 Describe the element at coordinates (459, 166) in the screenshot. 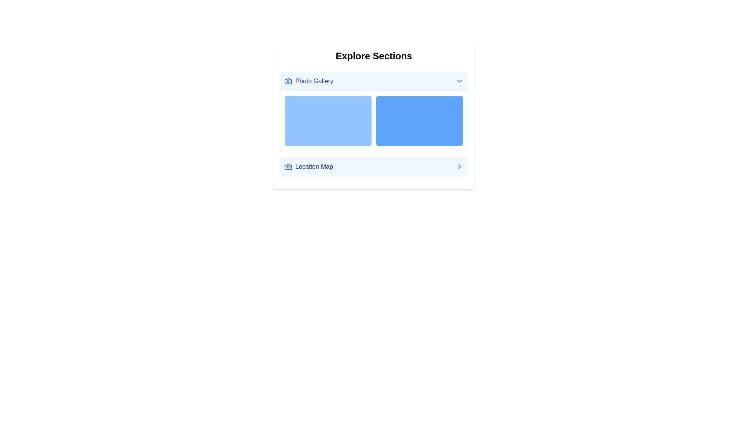

I see `the Chevron Right icon located on the far right of the Location Map row to potentially highlight or display further information` at that location.